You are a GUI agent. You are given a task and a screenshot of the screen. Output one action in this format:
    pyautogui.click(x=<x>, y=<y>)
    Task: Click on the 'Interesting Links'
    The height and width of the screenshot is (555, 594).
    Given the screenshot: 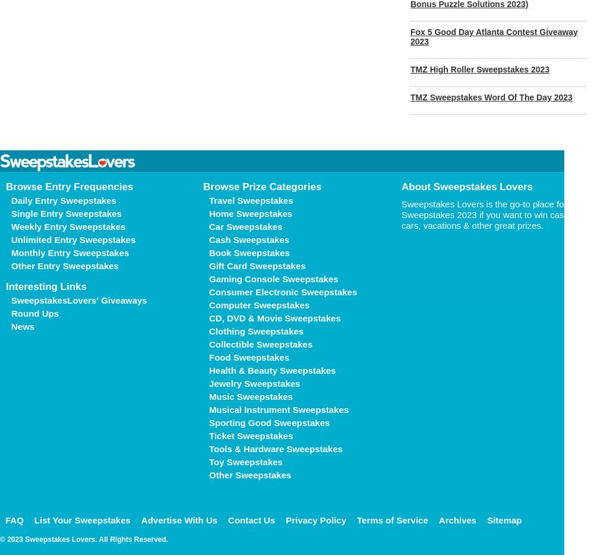 What is the action you would take?
    pyautogui.click(x=46, y=286)
    